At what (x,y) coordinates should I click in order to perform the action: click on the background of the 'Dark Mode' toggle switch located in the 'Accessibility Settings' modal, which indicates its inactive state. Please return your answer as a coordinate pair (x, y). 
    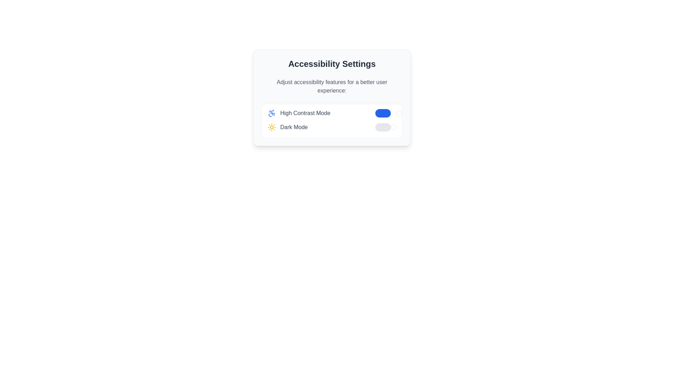
    Looking at the image, I should click on (383, 127).